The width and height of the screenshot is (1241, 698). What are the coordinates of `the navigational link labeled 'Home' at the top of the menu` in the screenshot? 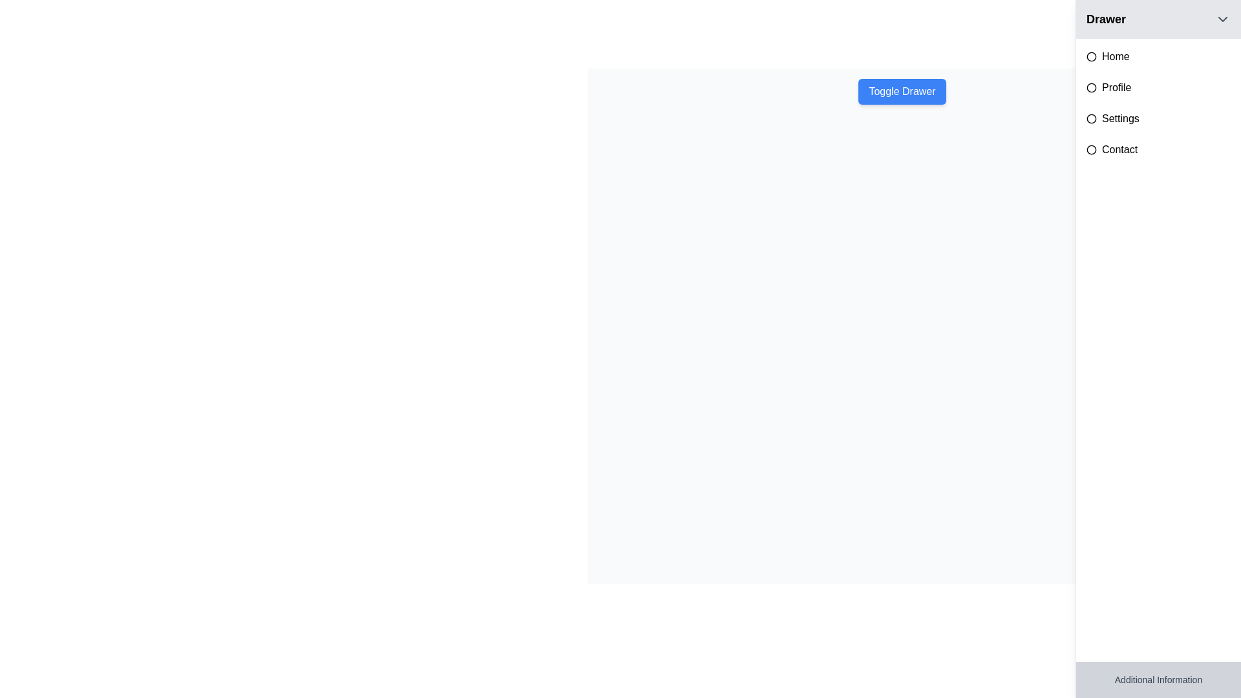 It's located at (1158, 56).